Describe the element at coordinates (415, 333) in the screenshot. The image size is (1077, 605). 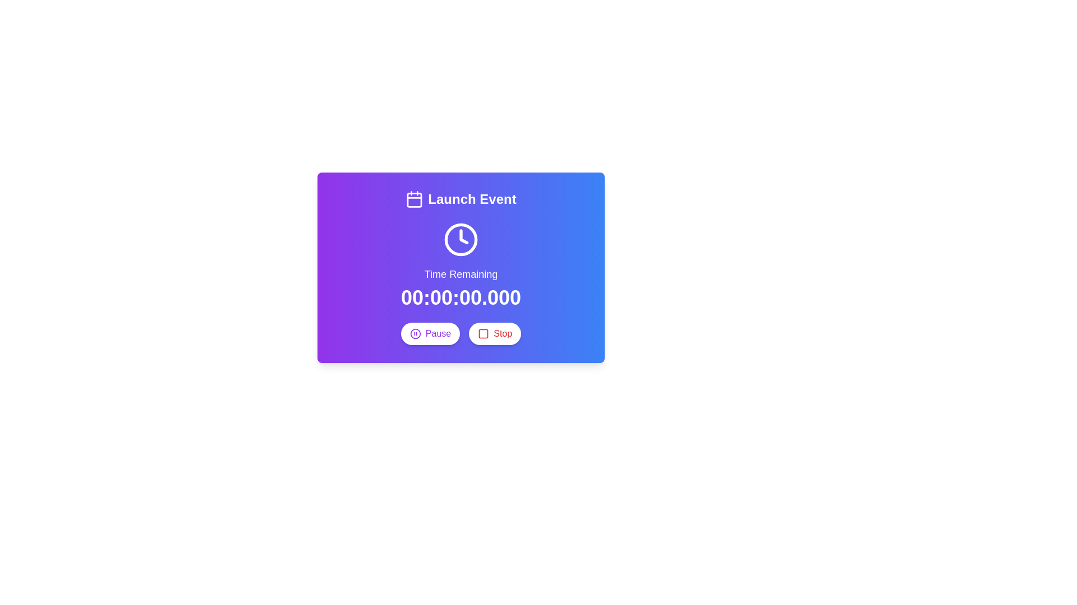
I see `the 'Pause' icon, which represents the 'Pause' action and is located to the left of the text 'Pause' in the application's card interface` at that location.